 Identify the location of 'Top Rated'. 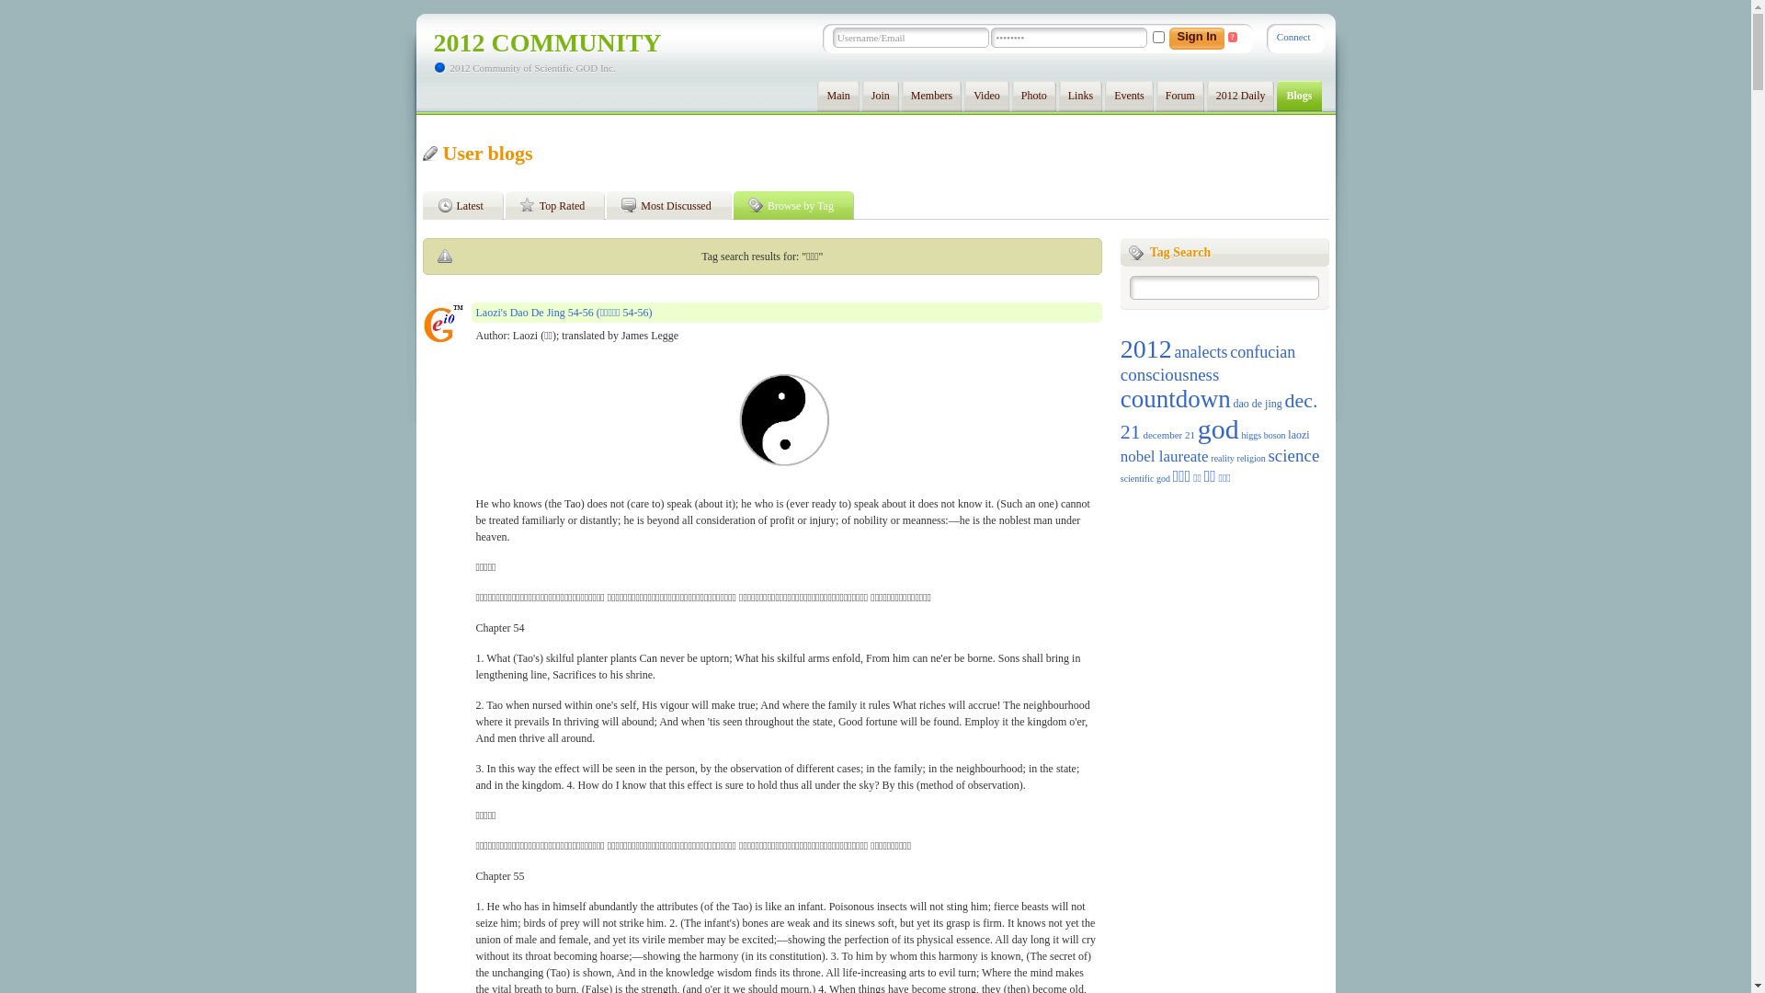
(558, 205).